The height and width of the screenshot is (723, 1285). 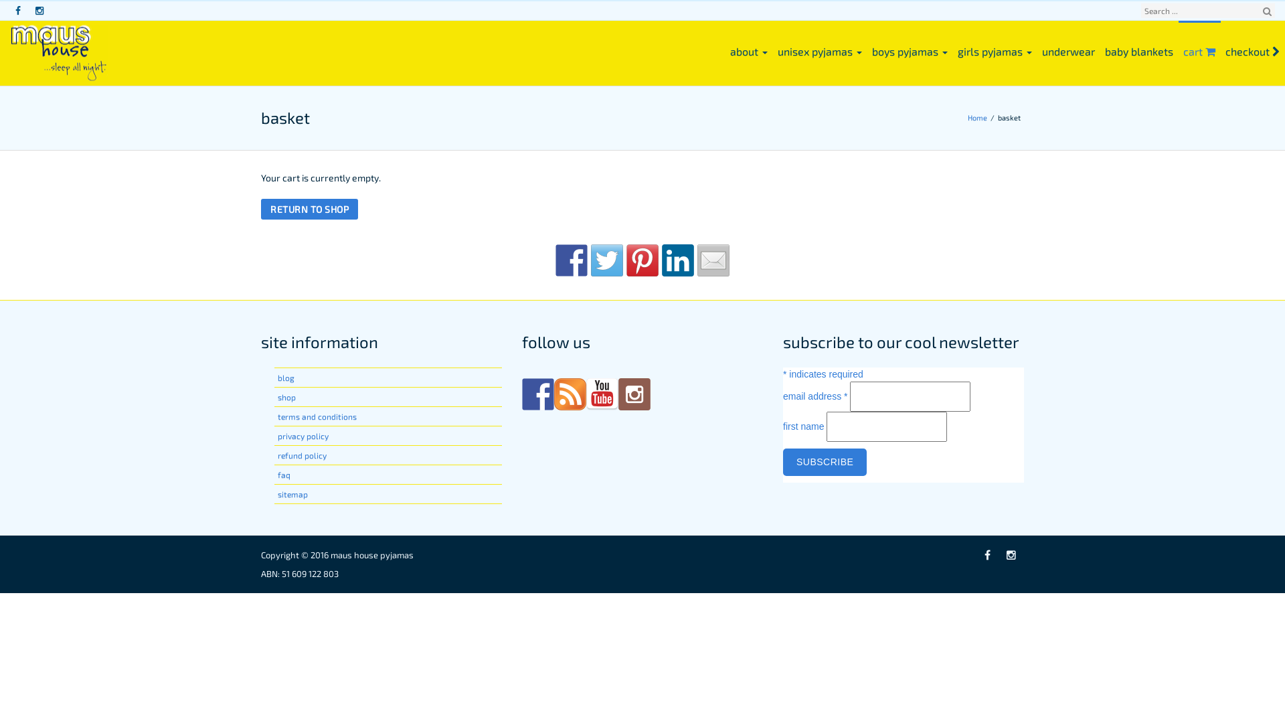 I want to click on 'terms and conditions', so click(x=317, y=415).